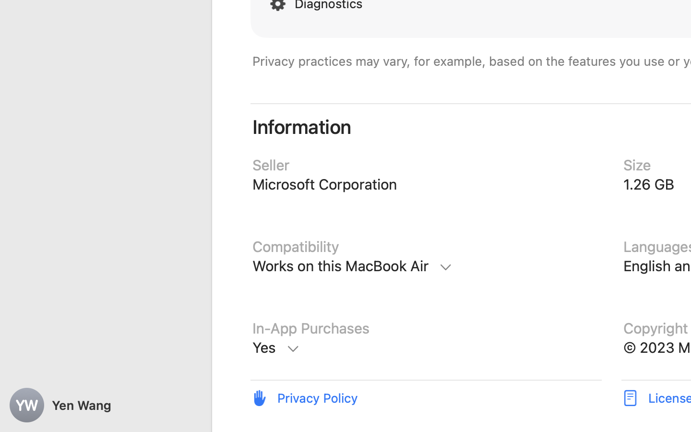 The width and height of the screenshot is (691, 432). What do you see at coordinates (426, 185) in the screenshot?
I see `'Seller, Microsoft Corporation'` at bounding box center [426, 185].